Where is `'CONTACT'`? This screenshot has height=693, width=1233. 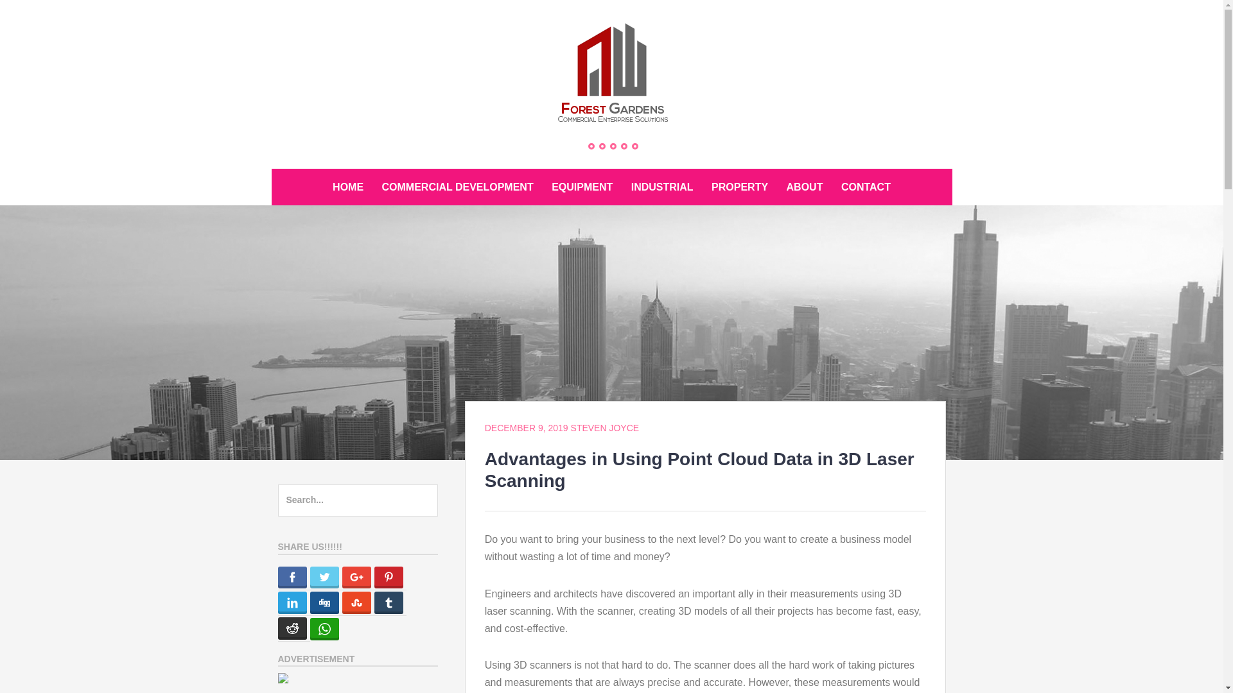 'CONTACT' is located at coordinates (866, 187).